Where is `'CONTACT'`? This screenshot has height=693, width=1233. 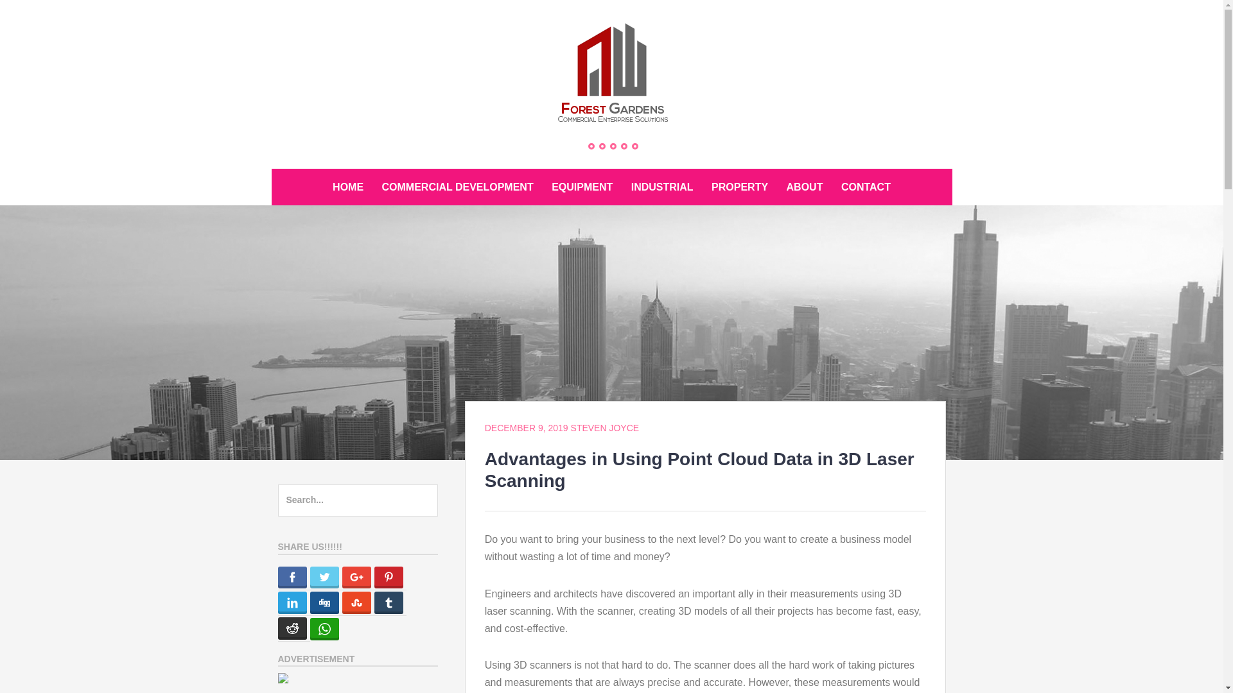 'CONTACT' is located at coordinates (866, 187).